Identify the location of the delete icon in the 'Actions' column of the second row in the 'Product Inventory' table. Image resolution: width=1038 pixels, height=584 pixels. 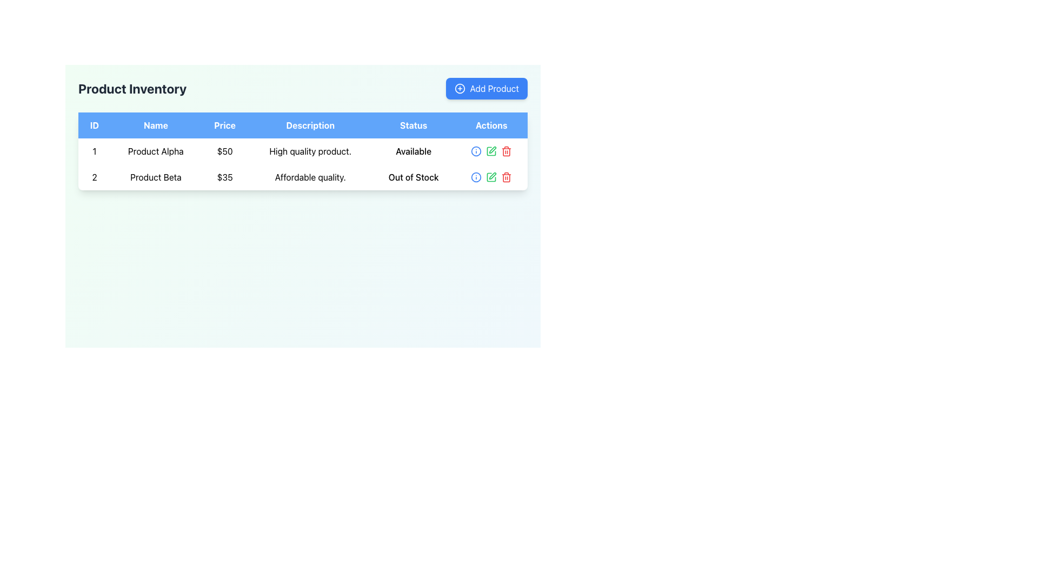
(506, 152).